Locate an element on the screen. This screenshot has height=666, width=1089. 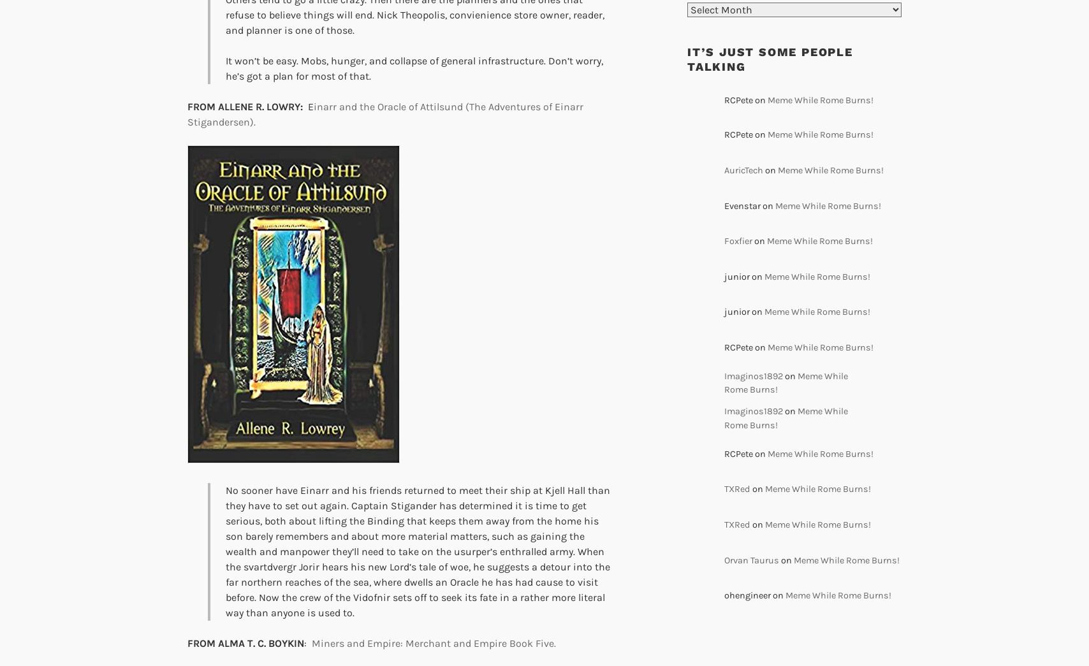
'AuricTech' is located at coordinates (743, 169).